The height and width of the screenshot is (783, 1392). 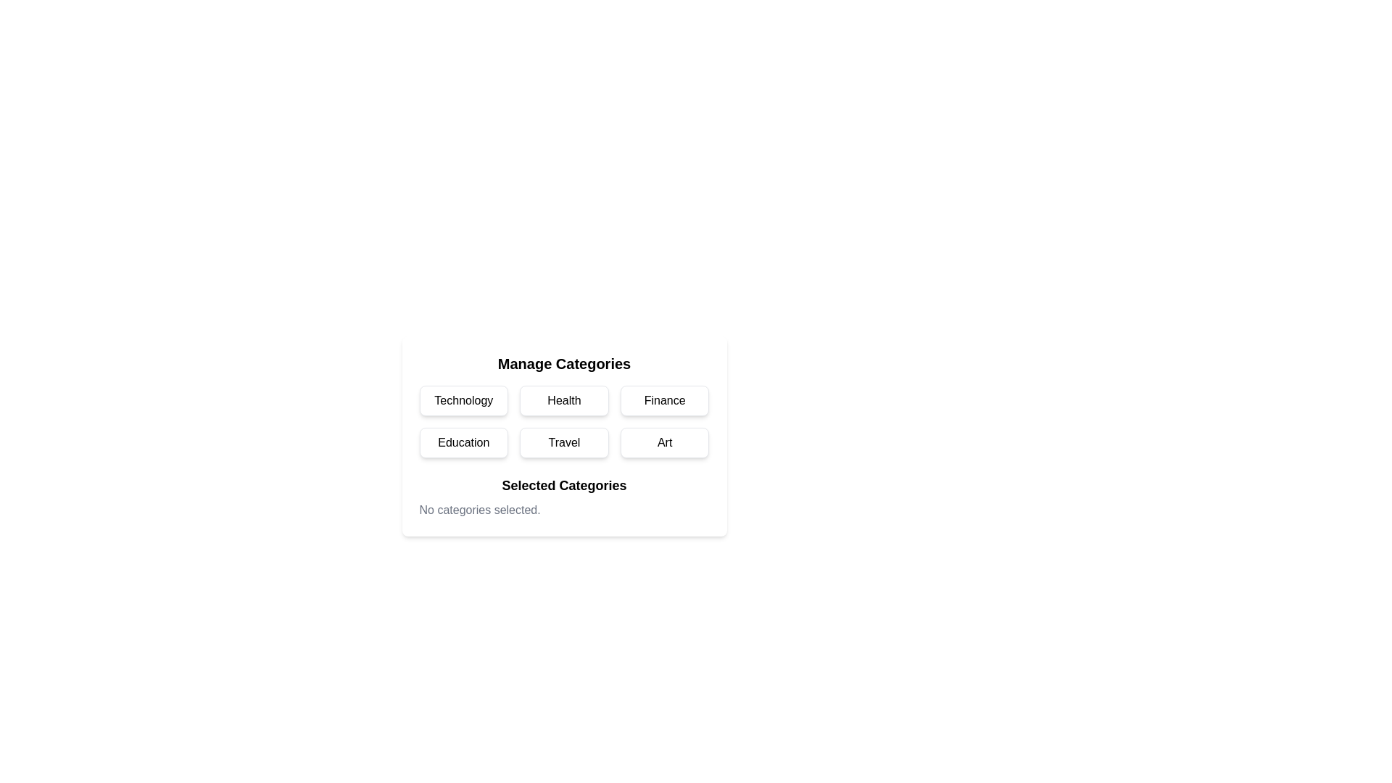 What do you see at coordinates (463, 400) in the screenshot?
I see `the 'Technology' button, which is a rectangular button with bold black text on a white background and rounded corners` at bounding box center [463, 400].